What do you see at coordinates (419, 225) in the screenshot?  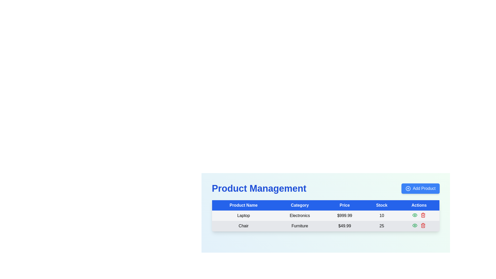 I see `the interactive icons in the 'Actions' column of the second row of the product management table` at bounding box center [419, 225].